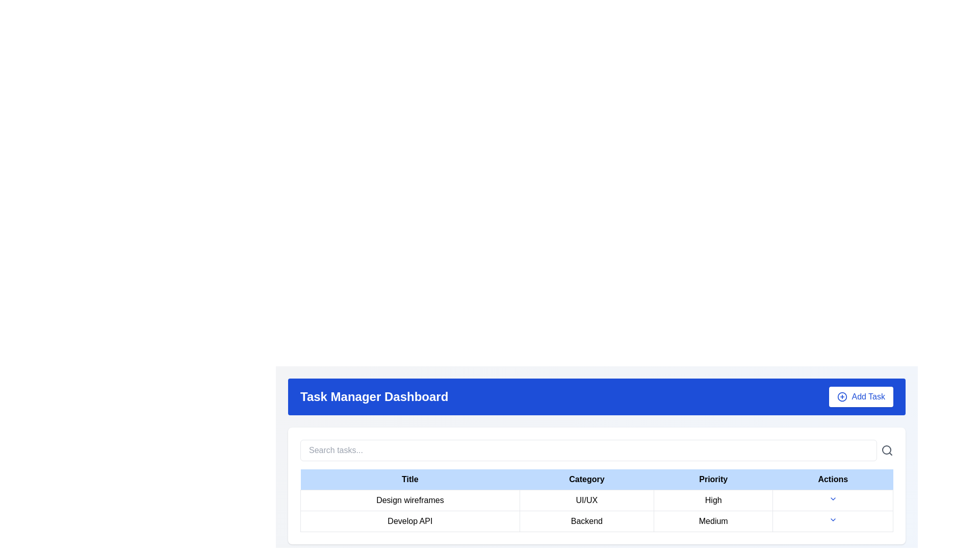 The height and width of the screenshot is (551, 979). What do you see at coordinates (586, 521) in the screenshot?
I see `the table cell containing the text 'Backend' in the second row under the header 'Category'` at bounding box center [586, 521].